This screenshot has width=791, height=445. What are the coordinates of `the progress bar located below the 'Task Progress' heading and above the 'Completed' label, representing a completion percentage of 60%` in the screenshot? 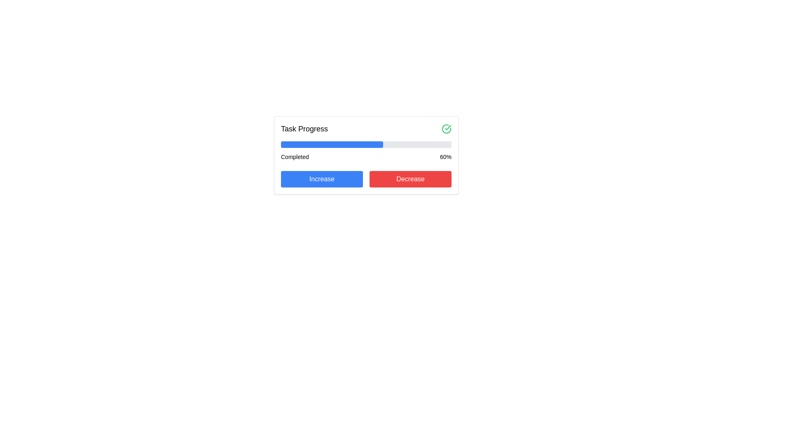 It's located at (365, 144).